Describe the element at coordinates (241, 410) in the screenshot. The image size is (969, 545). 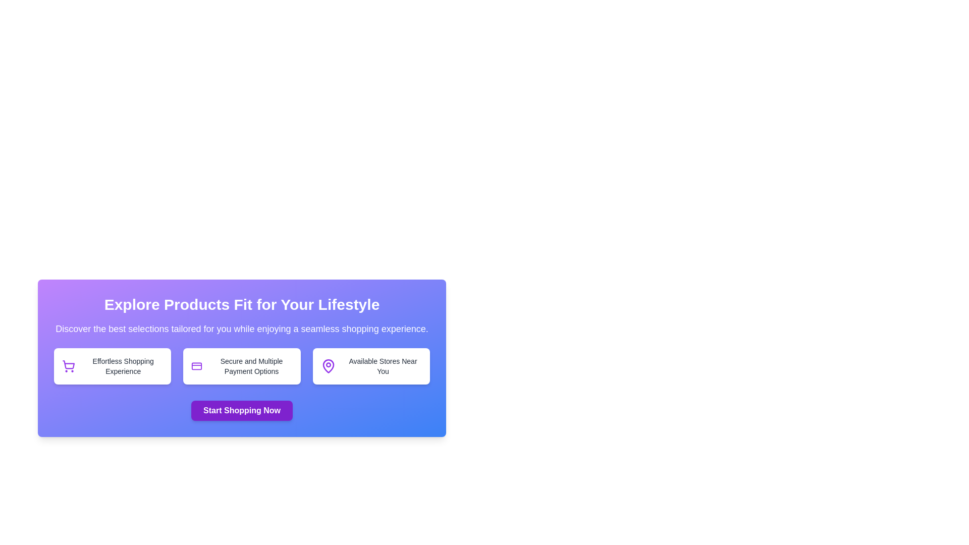
I see `the 'Start Shopping Now' button with a vibrant purple background to observe its hover effects` at that location.